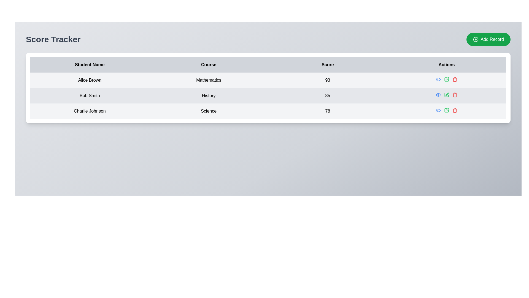  I want to click on the second icon button in the 'Actions' column for the student 'Bob Smith', so click(447, 110).